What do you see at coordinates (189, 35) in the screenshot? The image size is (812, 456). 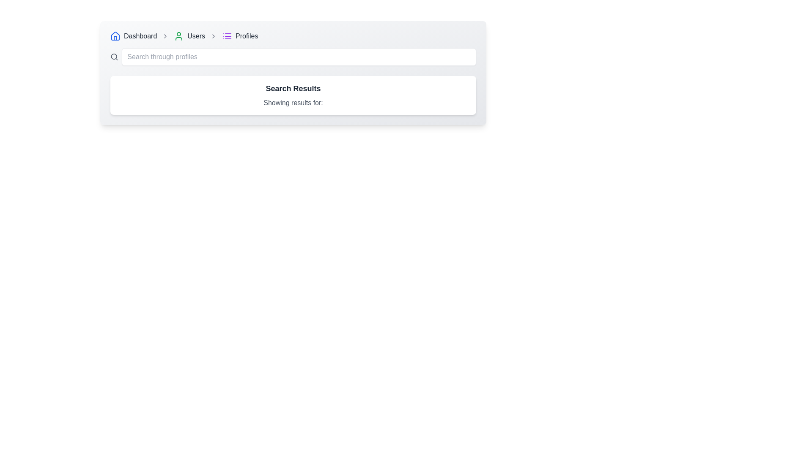 I see `the 'Users' breadcrumb navigation item, which is the second clickable item` at bounding box center [189, 35].